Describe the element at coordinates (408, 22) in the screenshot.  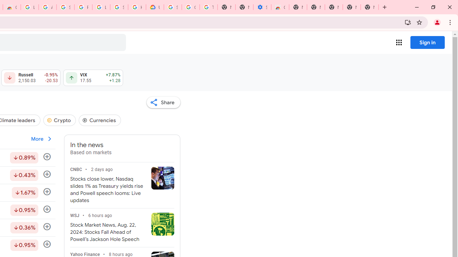
I see `'Install Google Finance'` at that location.